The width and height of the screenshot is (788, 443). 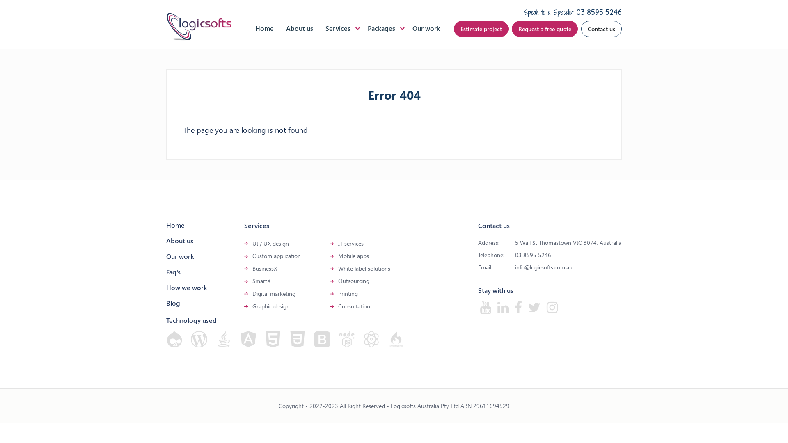 What do you see at coordinates (270, 243) in the screenshot?
I see `'UI / UX design'` at bounding box center [270, 243].